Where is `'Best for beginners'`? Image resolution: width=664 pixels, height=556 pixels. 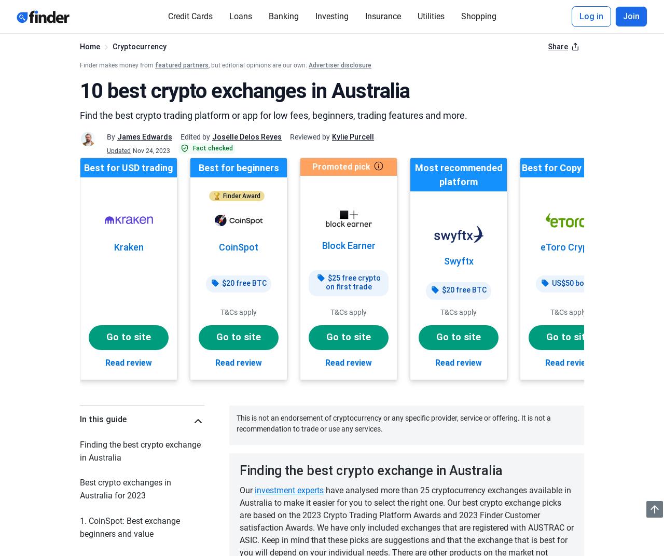 'Best for beginners' is located at coordinates (238, 166).